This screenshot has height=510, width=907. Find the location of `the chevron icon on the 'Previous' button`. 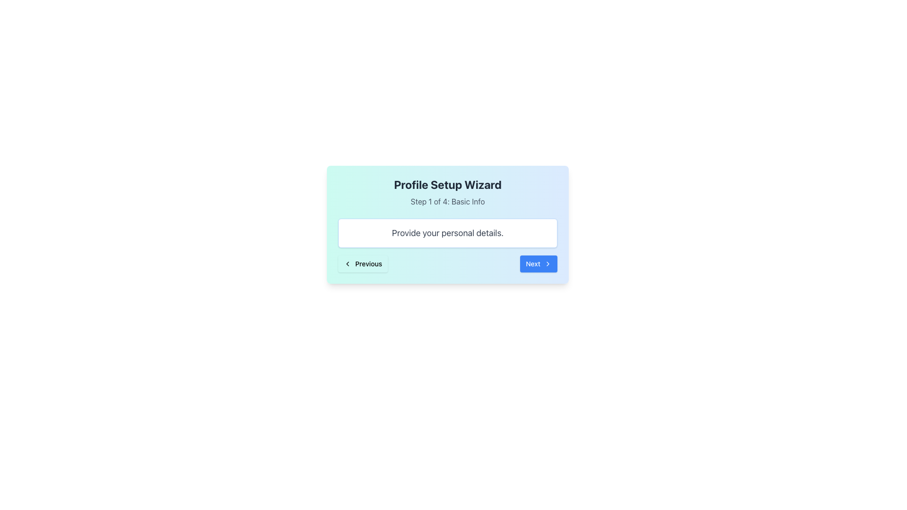

the chevron icon on the 'Previous' button is located at coordinates (347, 264).